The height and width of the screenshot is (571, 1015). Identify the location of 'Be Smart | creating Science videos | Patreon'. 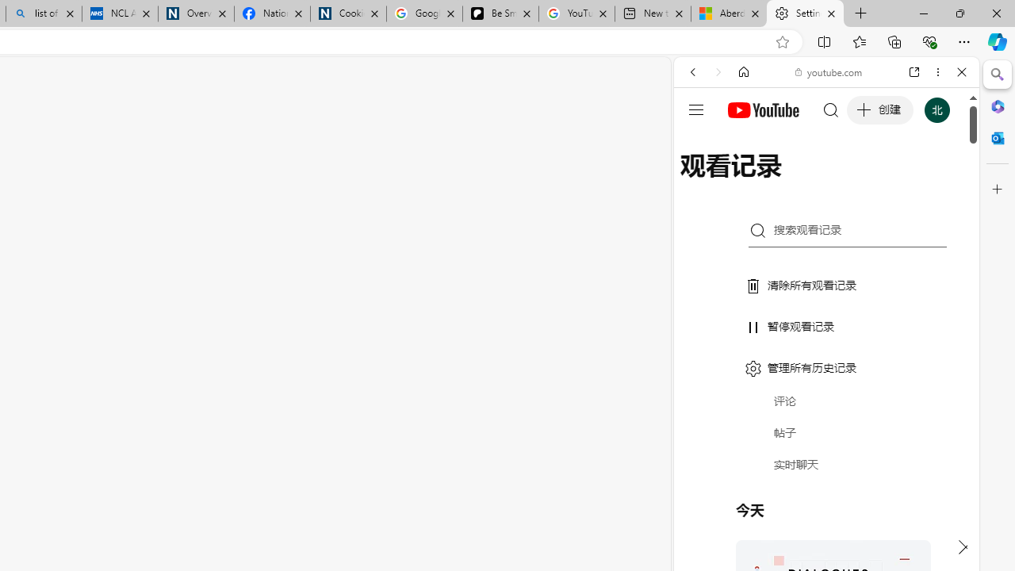
(500, 13).